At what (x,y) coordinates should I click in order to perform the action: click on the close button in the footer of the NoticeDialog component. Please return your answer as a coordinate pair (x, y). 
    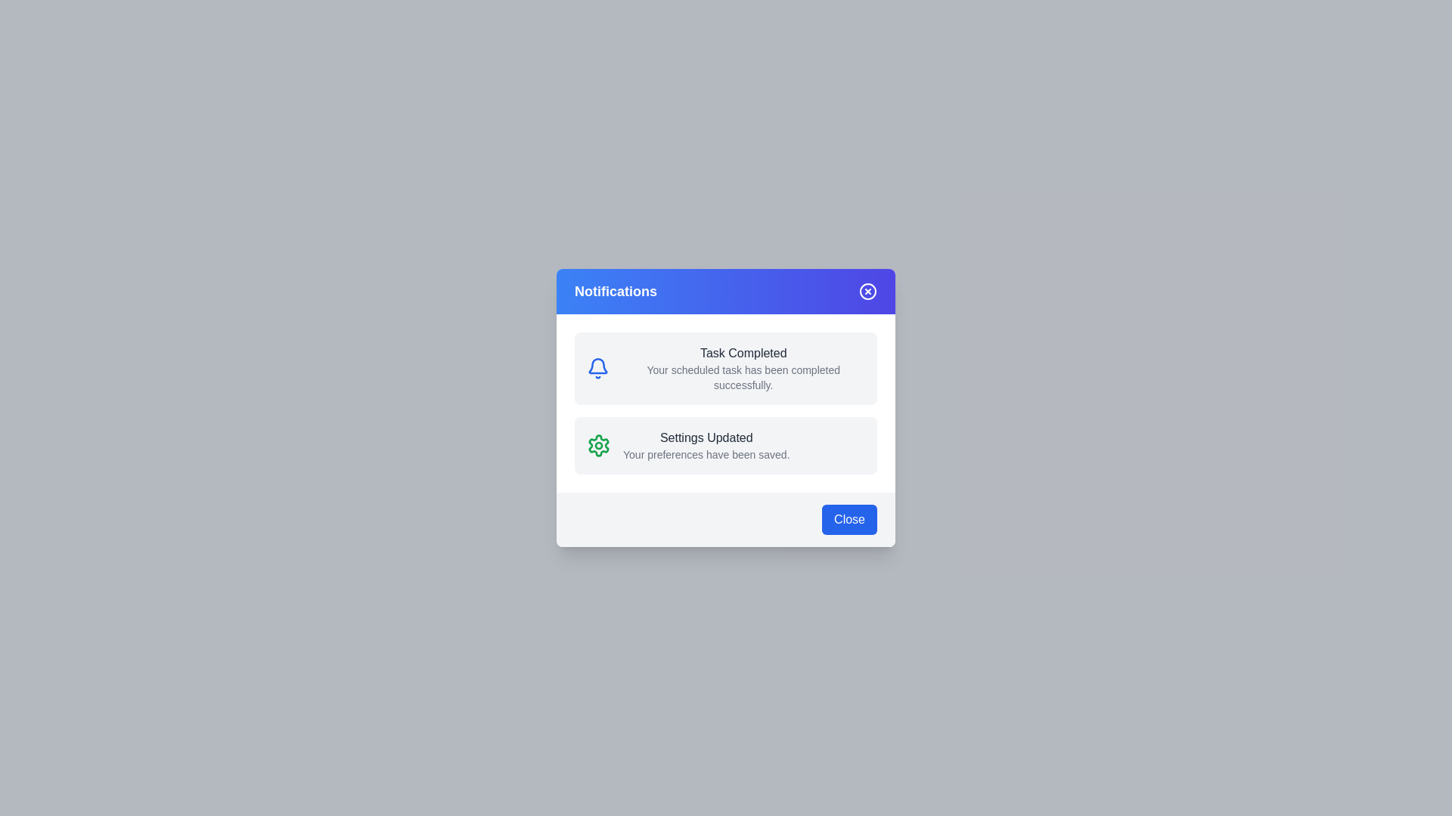
    Looking at the image, I should click on (849, 518).